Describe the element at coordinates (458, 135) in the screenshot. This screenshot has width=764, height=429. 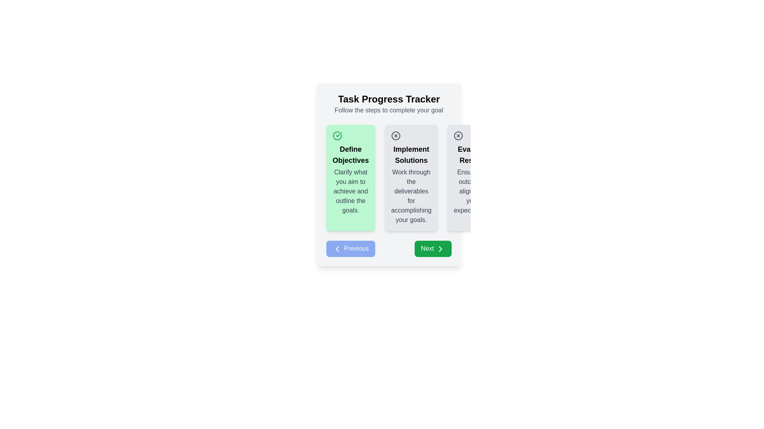
I see `the icon with a gray outline and an 'x' inside, located at the top-left corner of the 'Evaluate Results' card` at that location.